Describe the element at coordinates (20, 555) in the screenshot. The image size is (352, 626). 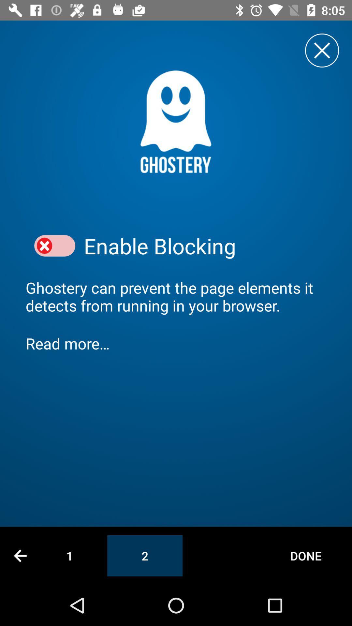
I see `previous` at that location.